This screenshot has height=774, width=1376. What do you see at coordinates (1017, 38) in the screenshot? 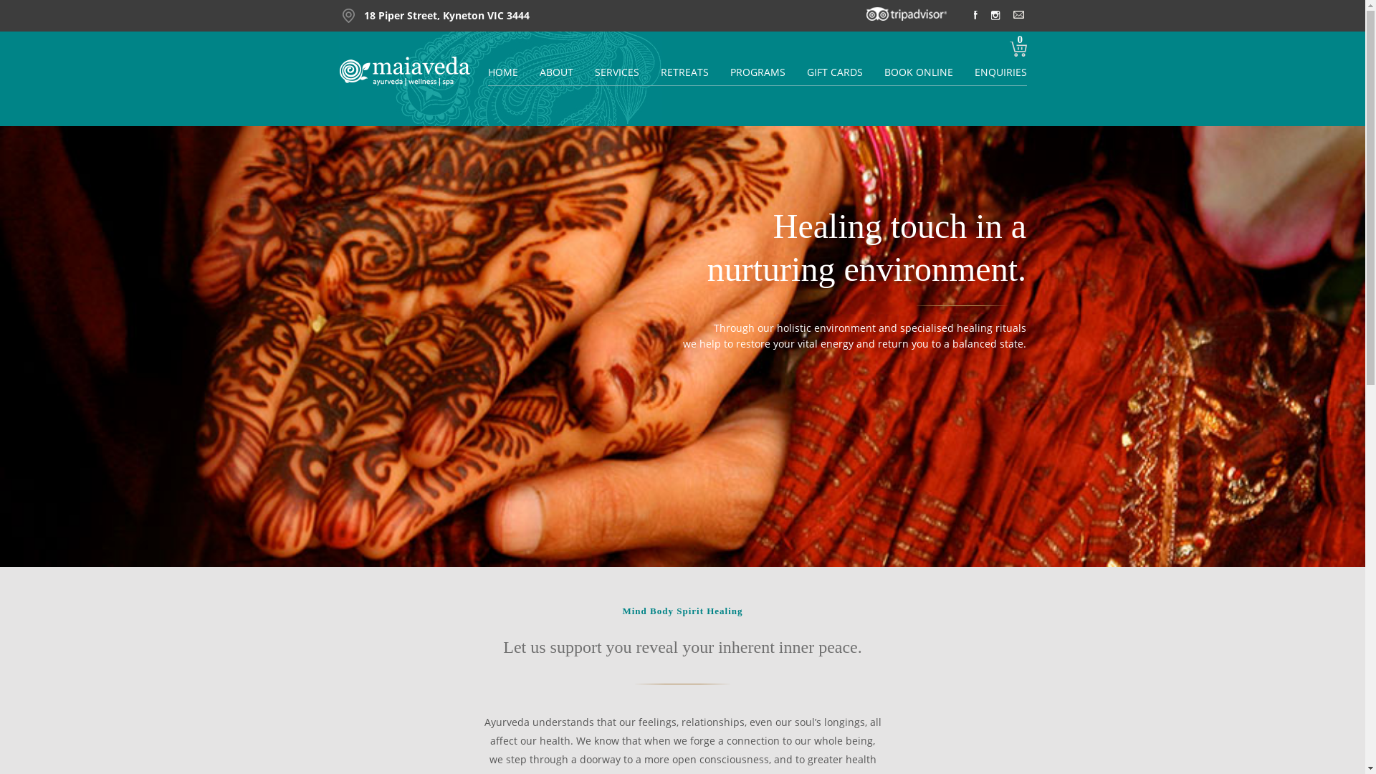
I see `'0'` at bounding box center [1017, 38].